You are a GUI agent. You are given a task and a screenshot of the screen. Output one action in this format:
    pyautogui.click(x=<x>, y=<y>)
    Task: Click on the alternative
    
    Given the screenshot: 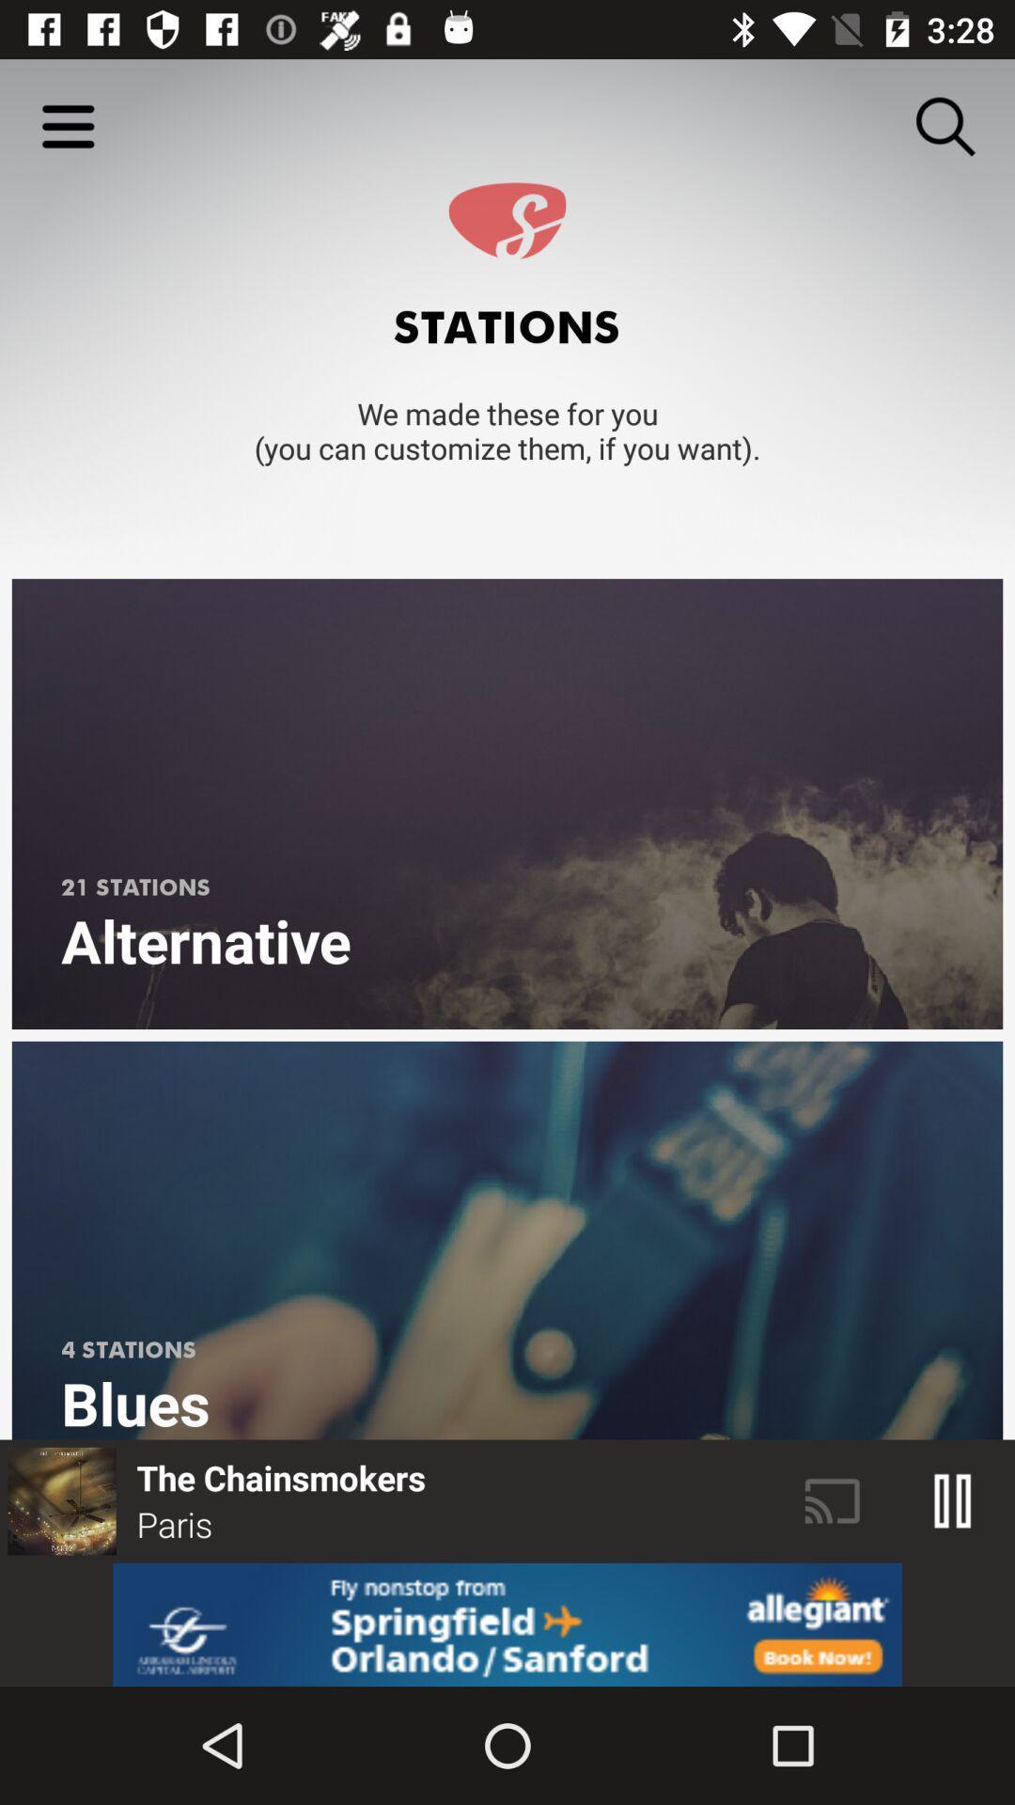 What is the action you would take?
    pyautogui.click(x=507, y=804)
    